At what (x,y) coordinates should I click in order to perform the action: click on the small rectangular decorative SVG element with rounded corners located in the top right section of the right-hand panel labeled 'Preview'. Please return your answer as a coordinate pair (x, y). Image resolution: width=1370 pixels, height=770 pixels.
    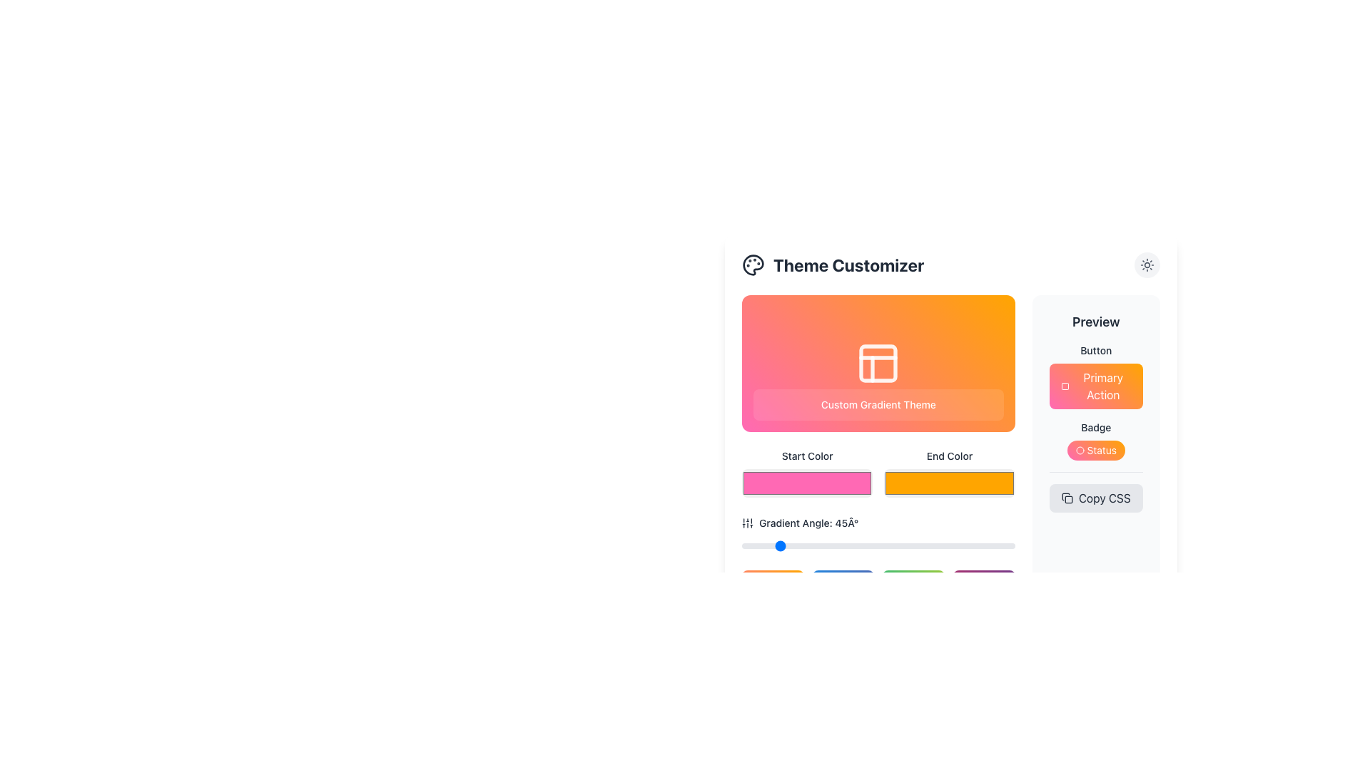
    Looking at the image, I should click on (1068, 499).